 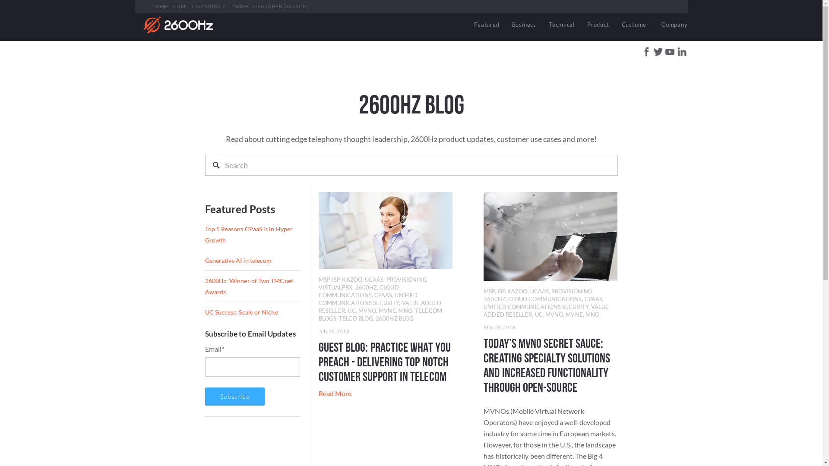 What do you see at coordinates (380, 315) in the screenshot?
I see `'TELECOM BLOGS'` at bounding box center [380, 315].